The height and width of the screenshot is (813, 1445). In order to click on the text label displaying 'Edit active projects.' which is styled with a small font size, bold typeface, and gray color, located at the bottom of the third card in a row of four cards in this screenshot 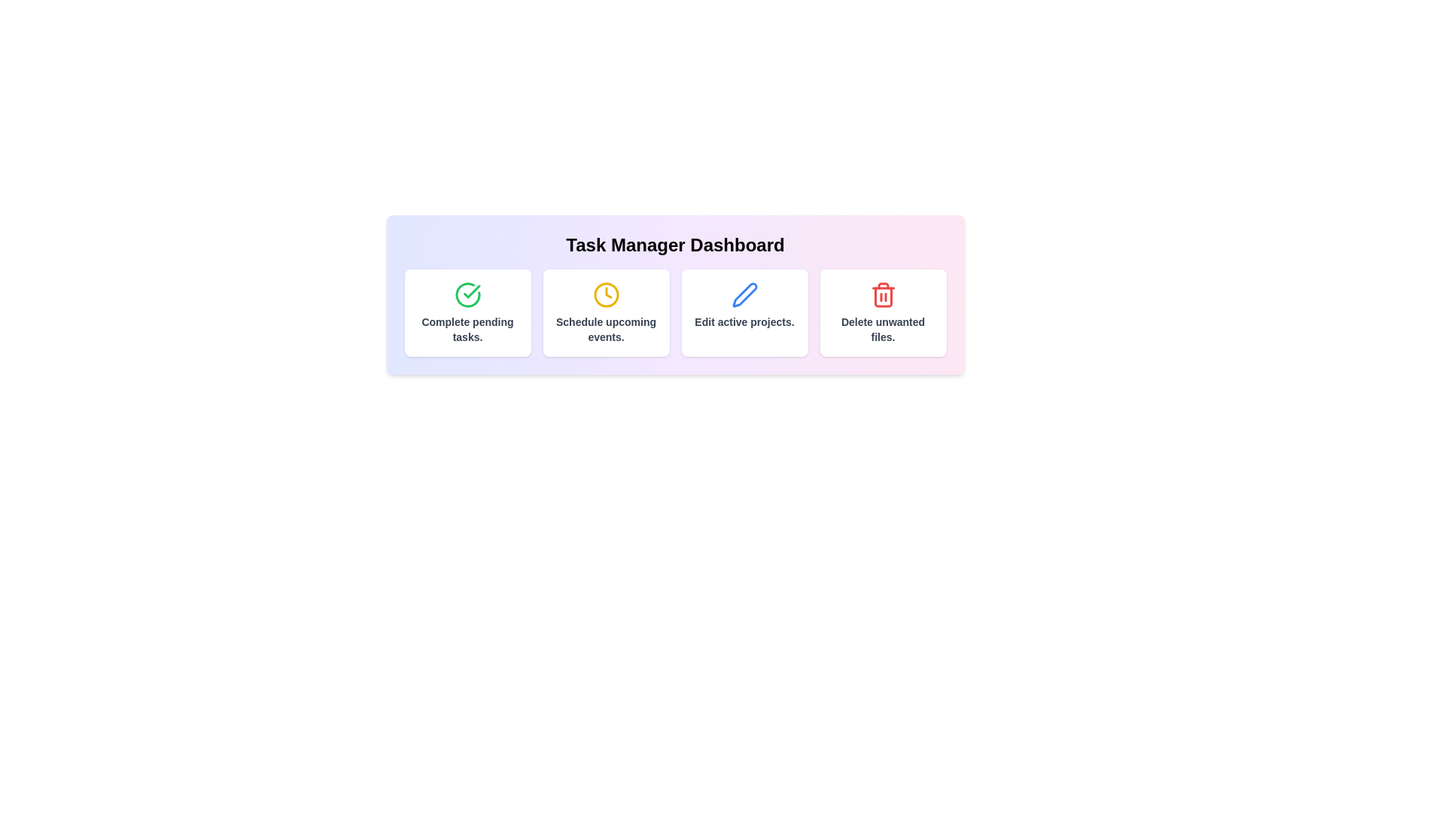, I will do `click(744, 321)`.